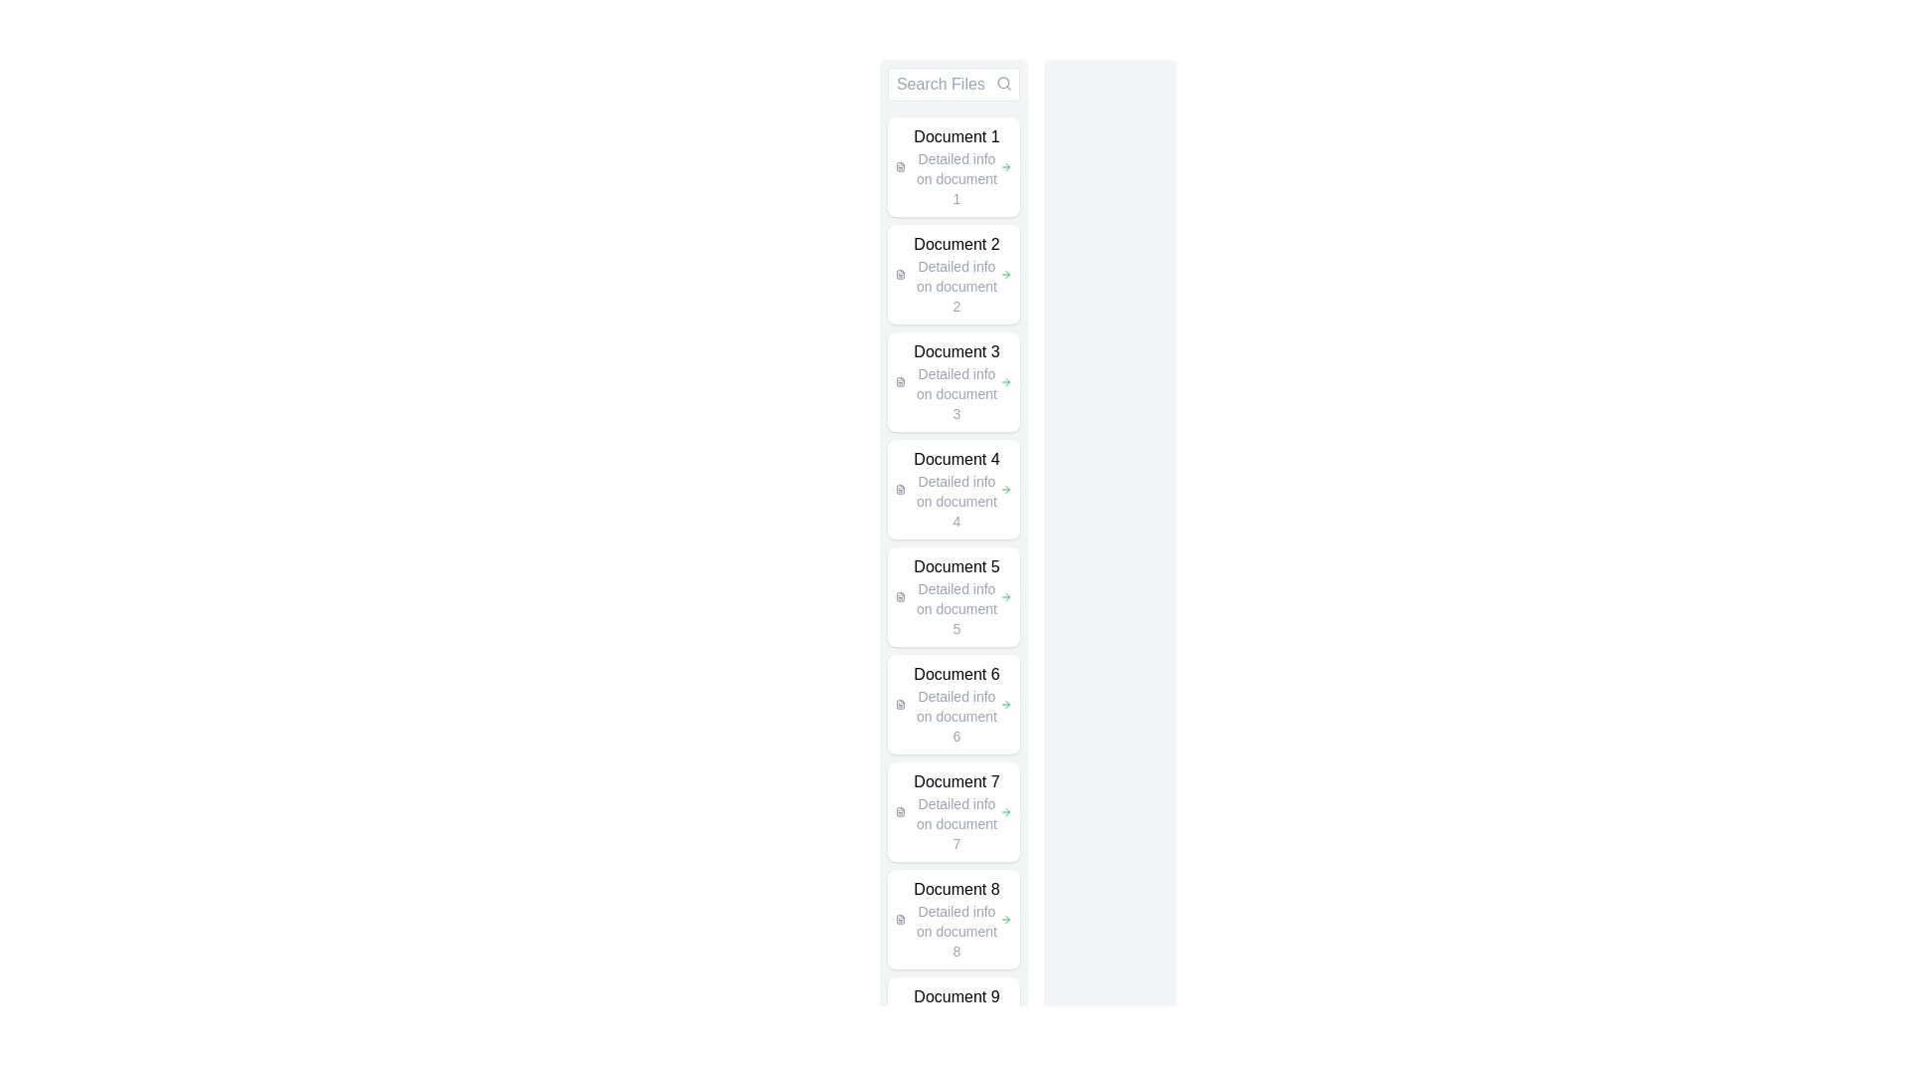  Describe the element at coordinates (956, 781) in the screenshot. I see `the text label that identifies the seventh document item in the list` at that location.